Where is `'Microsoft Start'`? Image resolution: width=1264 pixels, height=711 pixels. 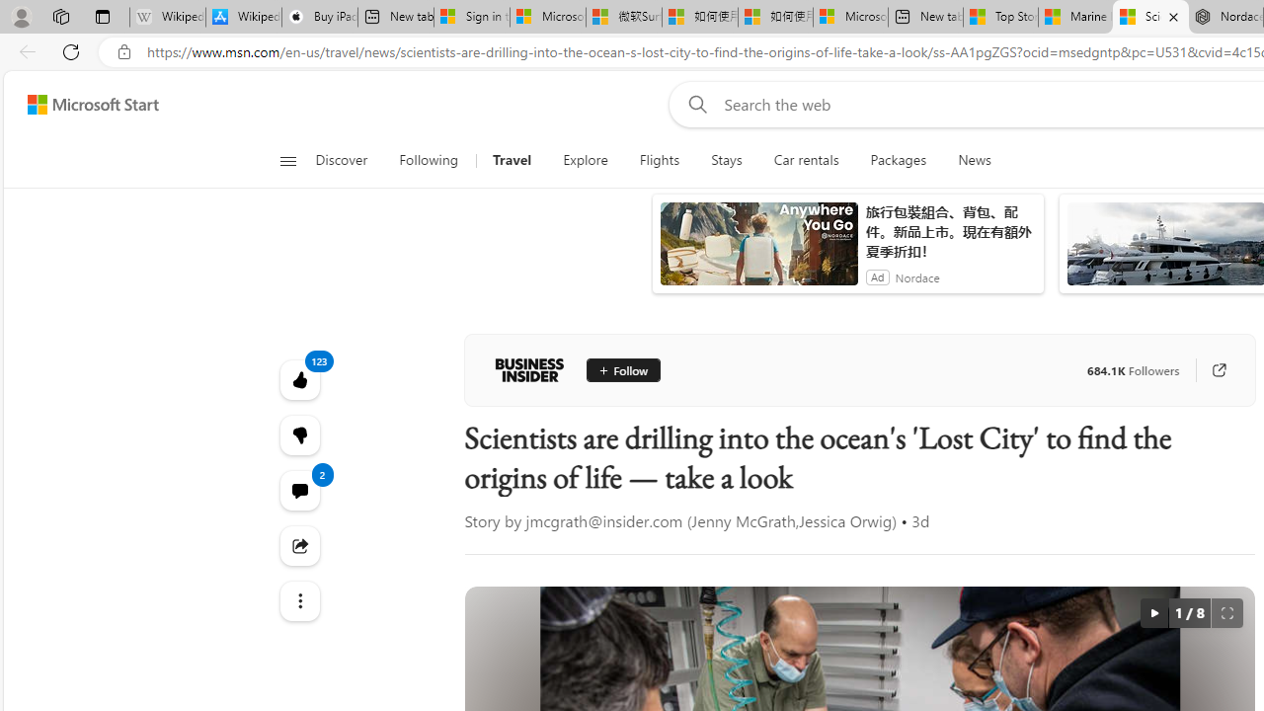 'Microsoft Start' is located at coordinates (92, 104).